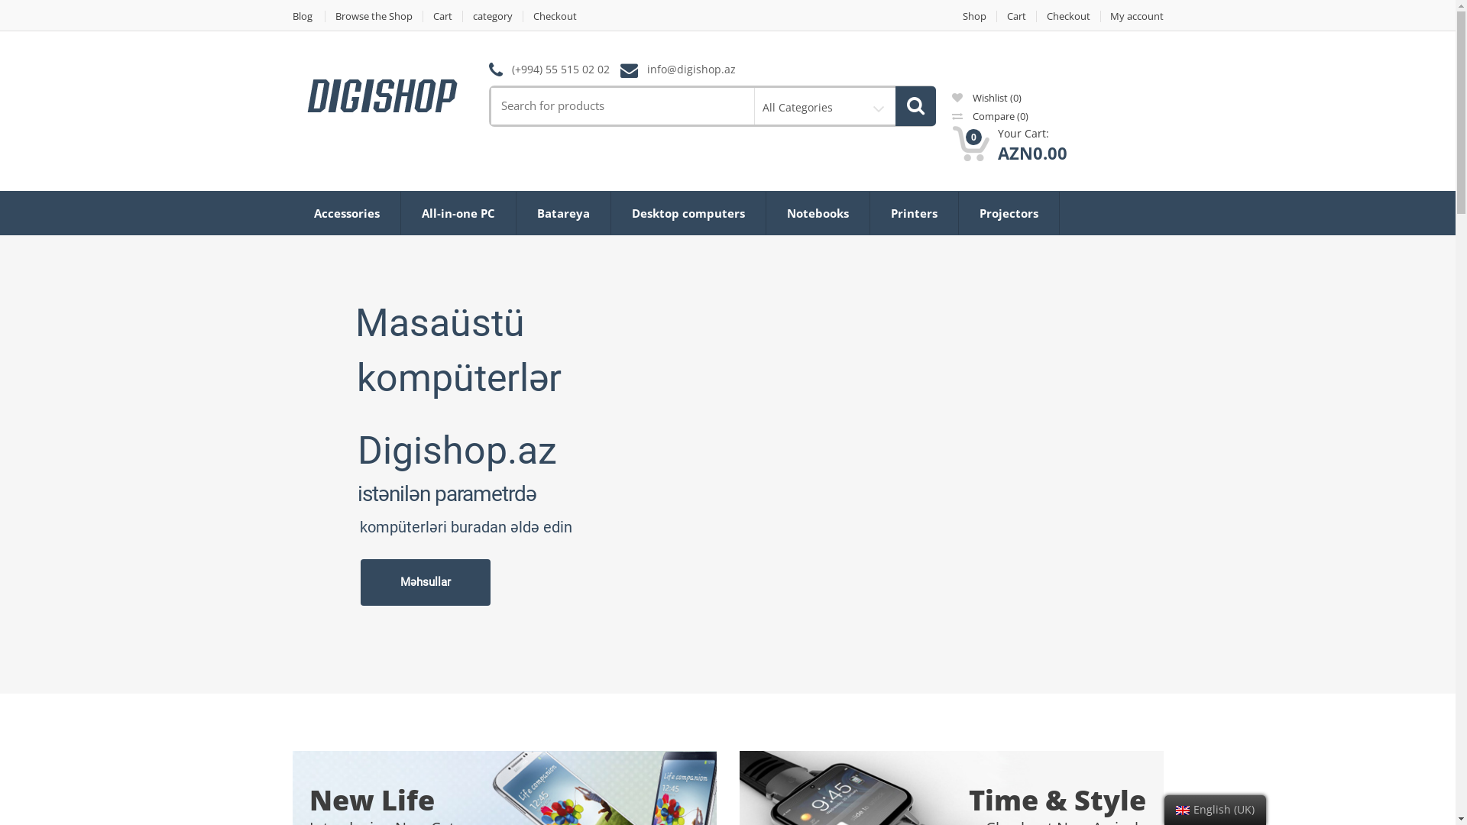 This screenshot has width=1467, height=825. Describe the element at coordinates (1132, 16) in the screenshot. I see `'My account'` at that location.